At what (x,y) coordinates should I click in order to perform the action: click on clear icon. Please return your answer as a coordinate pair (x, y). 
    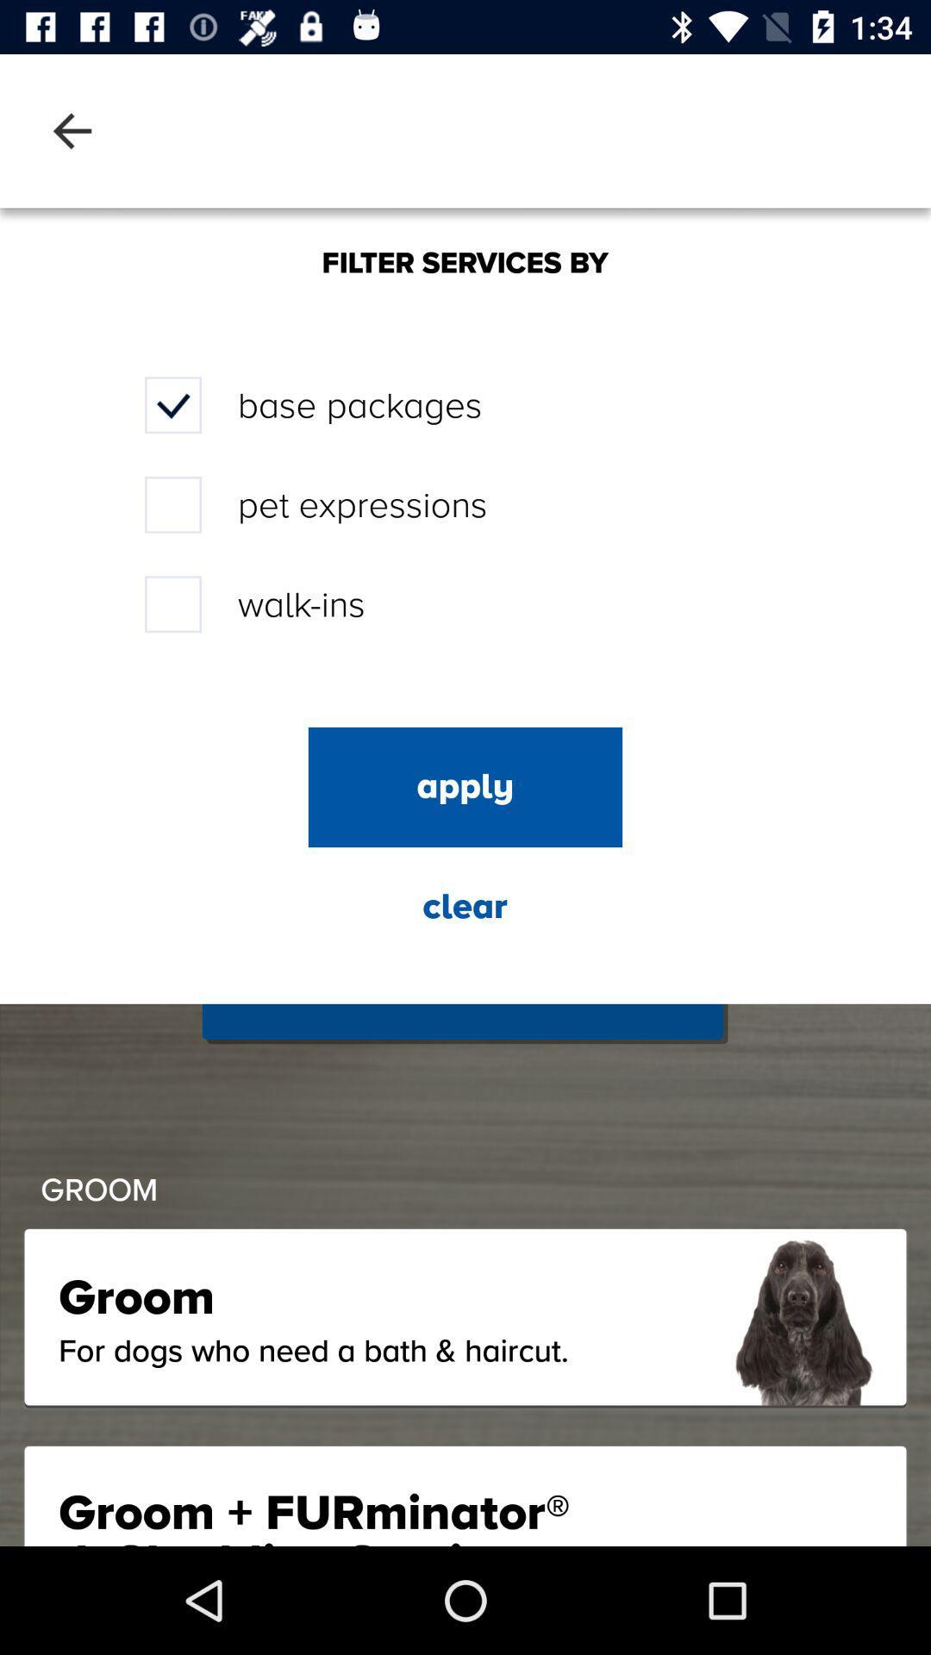
    Looking at the image, I should click on (464, 906).